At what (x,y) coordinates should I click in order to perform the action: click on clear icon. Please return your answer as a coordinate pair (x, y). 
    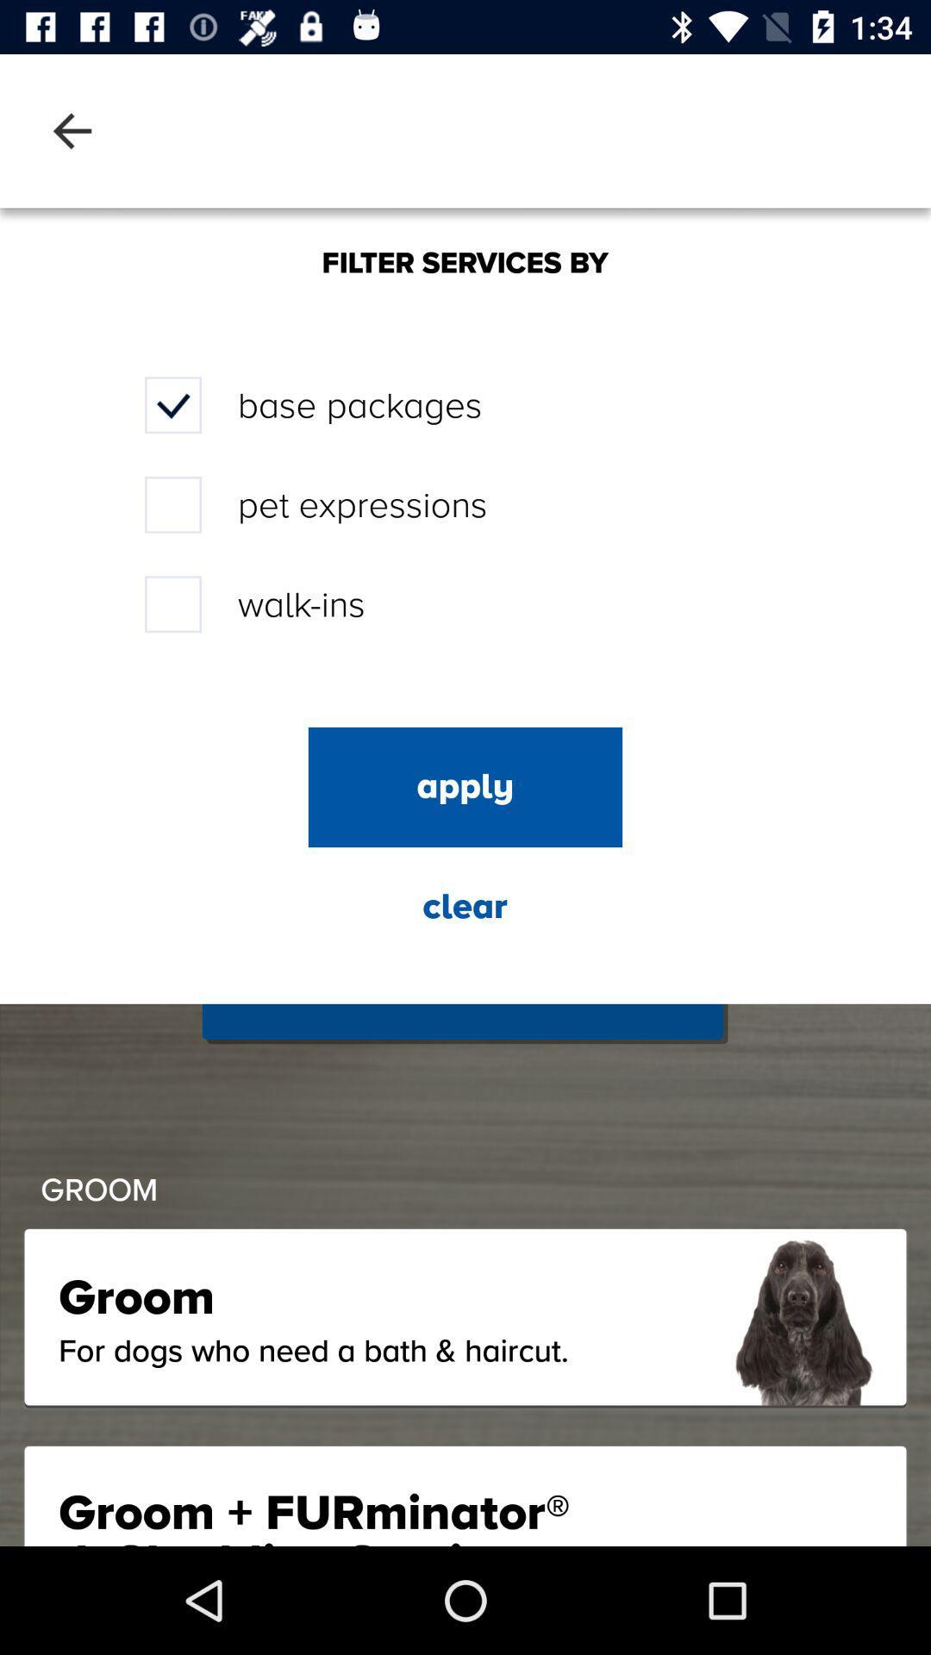
    Looking at the image, I should click on (464, 906).